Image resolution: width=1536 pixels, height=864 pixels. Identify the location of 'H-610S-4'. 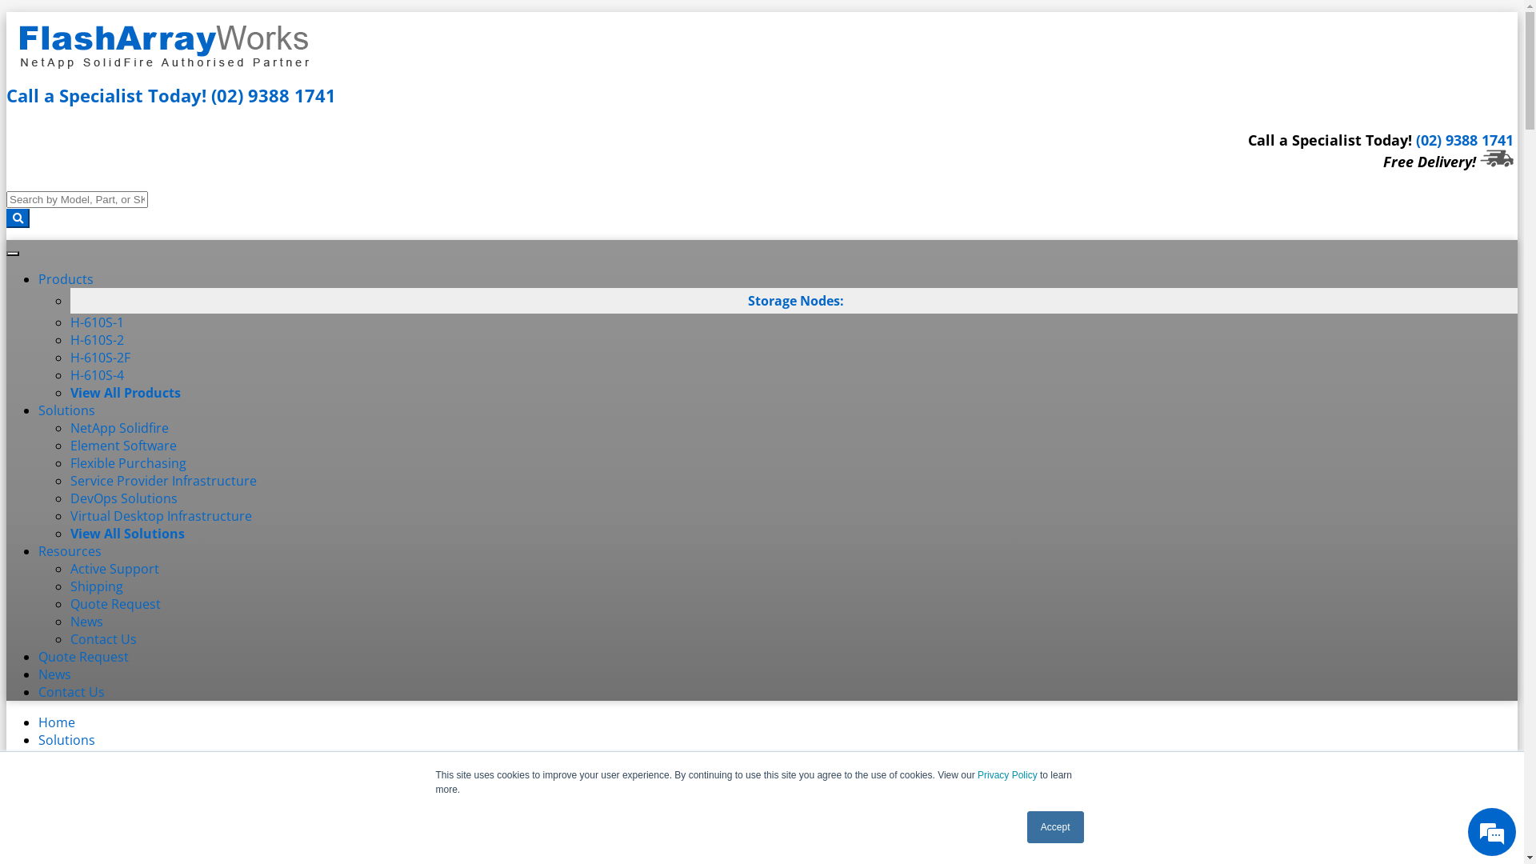
(96, 375).